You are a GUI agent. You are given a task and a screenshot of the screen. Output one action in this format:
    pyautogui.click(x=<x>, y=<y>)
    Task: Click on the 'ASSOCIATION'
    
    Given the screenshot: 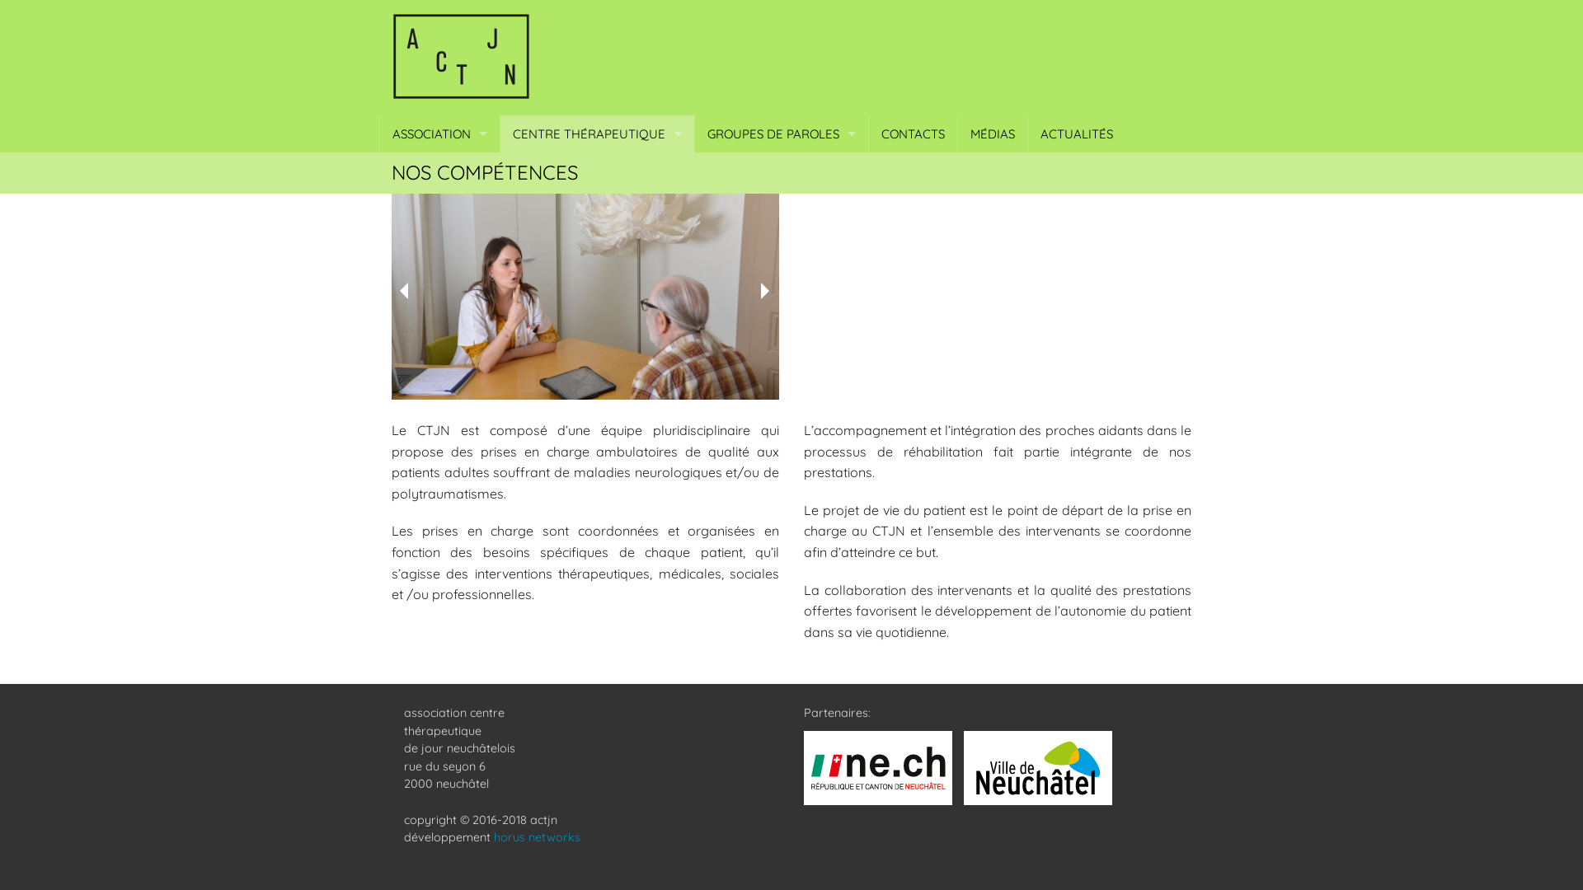 What is the action you would take?
    pyautogui.click(x=439, y=133)
    